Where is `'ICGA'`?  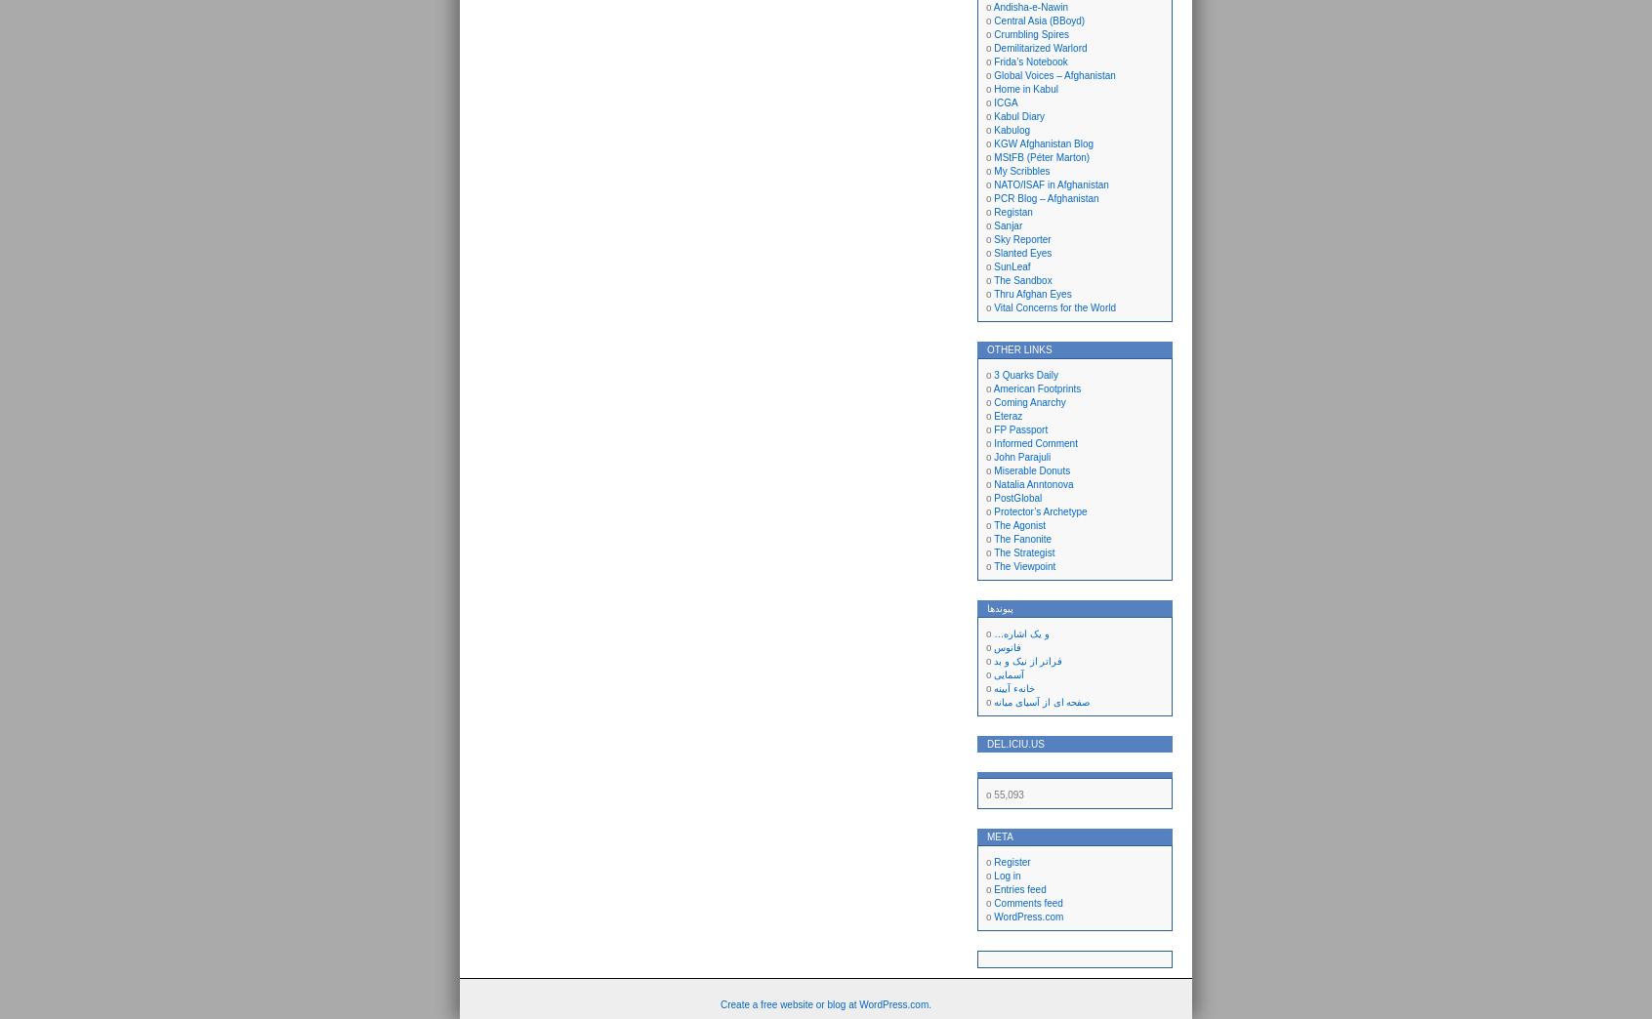 'ICGA' is located at coordinates (1004, 102).